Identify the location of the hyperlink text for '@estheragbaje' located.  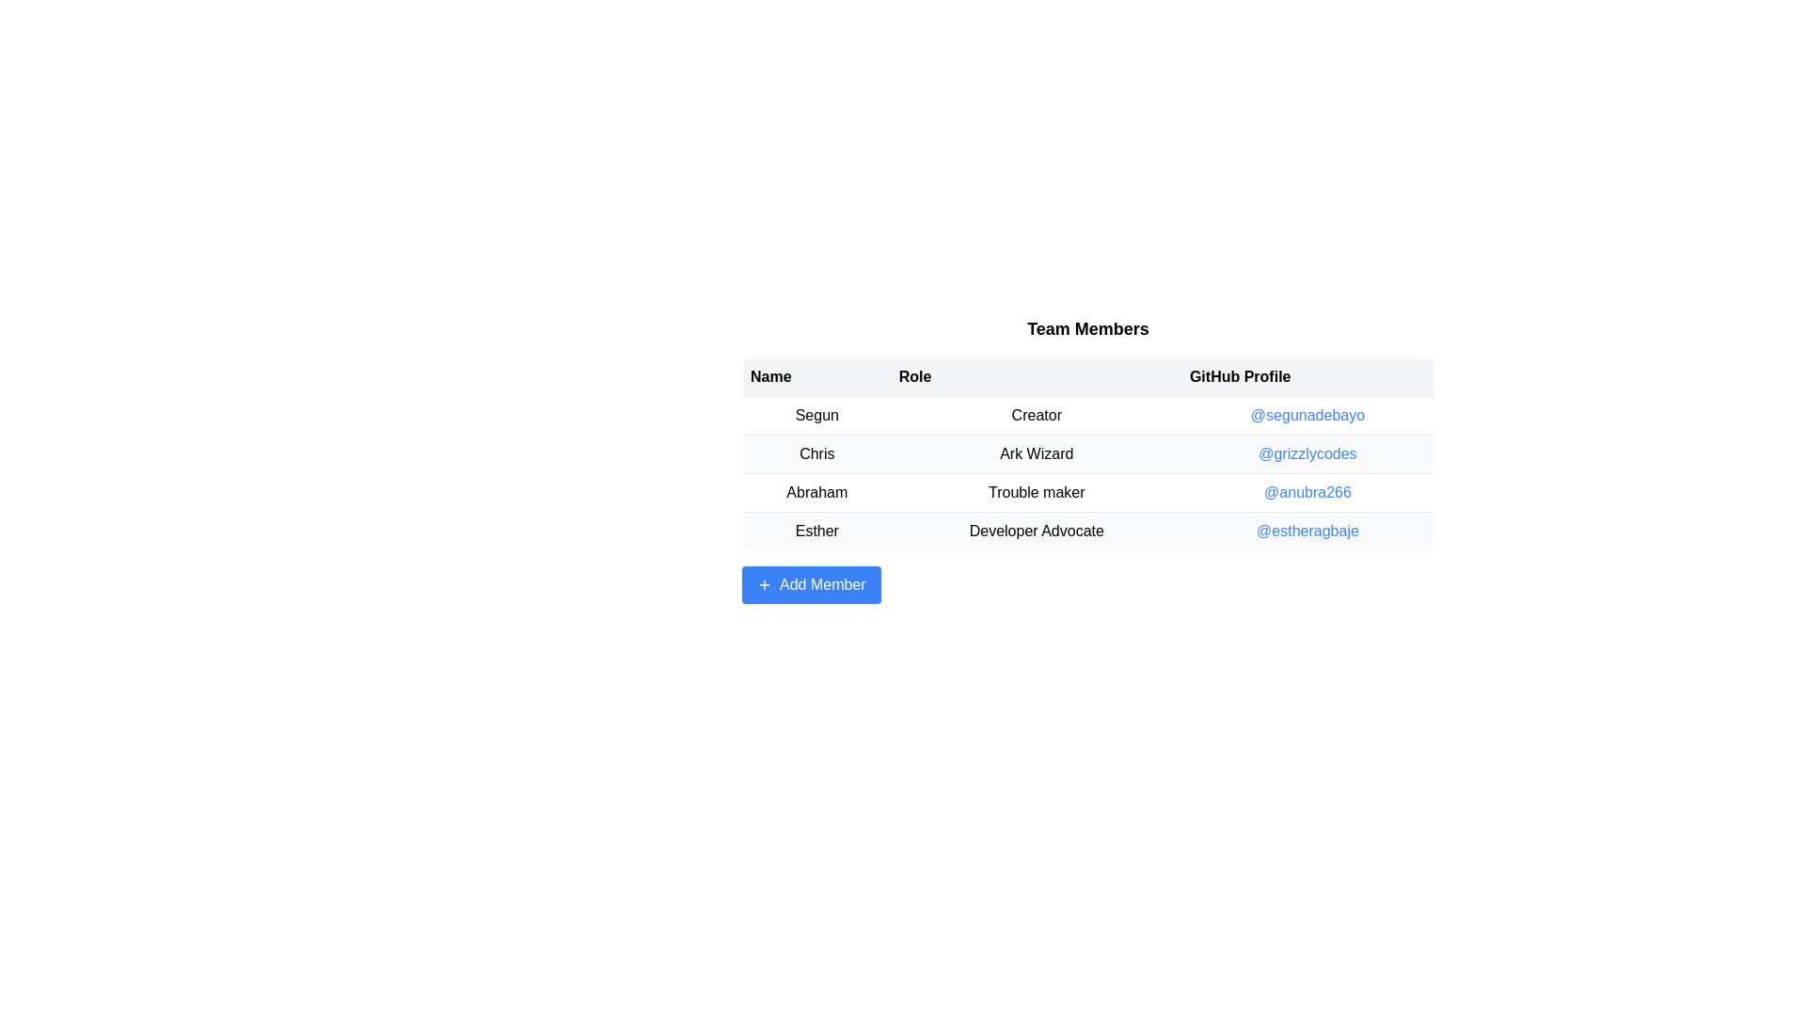
(1307, 531).